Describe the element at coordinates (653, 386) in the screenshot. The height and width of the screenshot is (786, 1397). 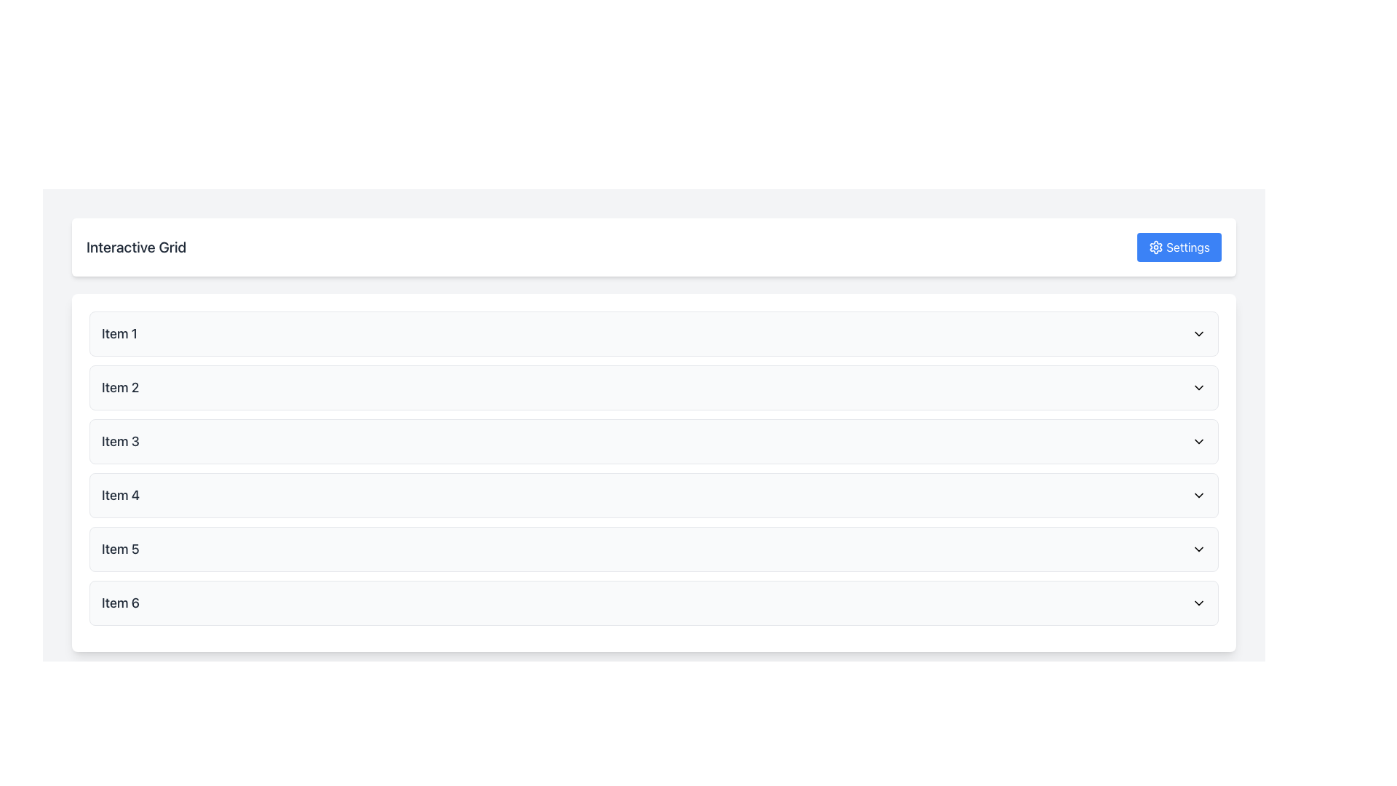
I see `the second list item labeled 'Item 2'` at that location.